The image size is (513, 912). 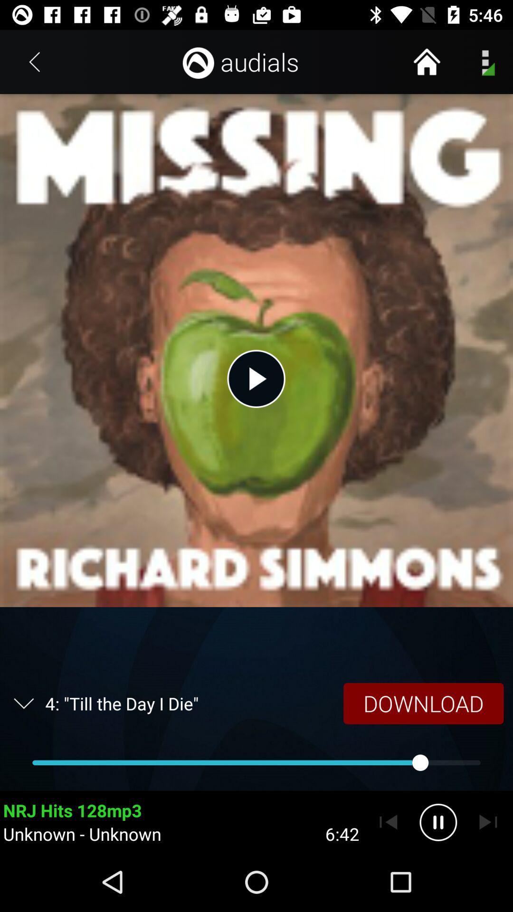 I want to click on the download icon, so click(x=423, y=703).